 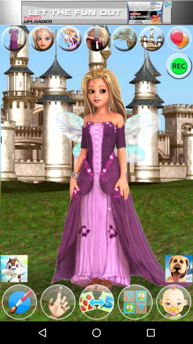 I want to click on the avatar icon, so click(x=14, y=41).